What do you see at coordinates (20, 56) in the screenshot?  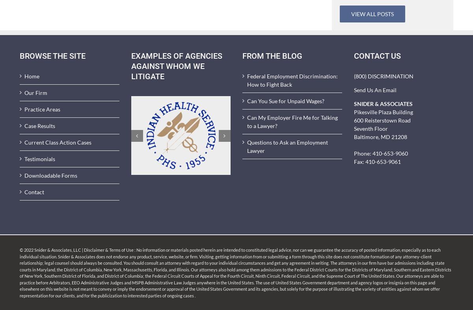 I see `'Browse The Site'` at bounding box center [20, 56].